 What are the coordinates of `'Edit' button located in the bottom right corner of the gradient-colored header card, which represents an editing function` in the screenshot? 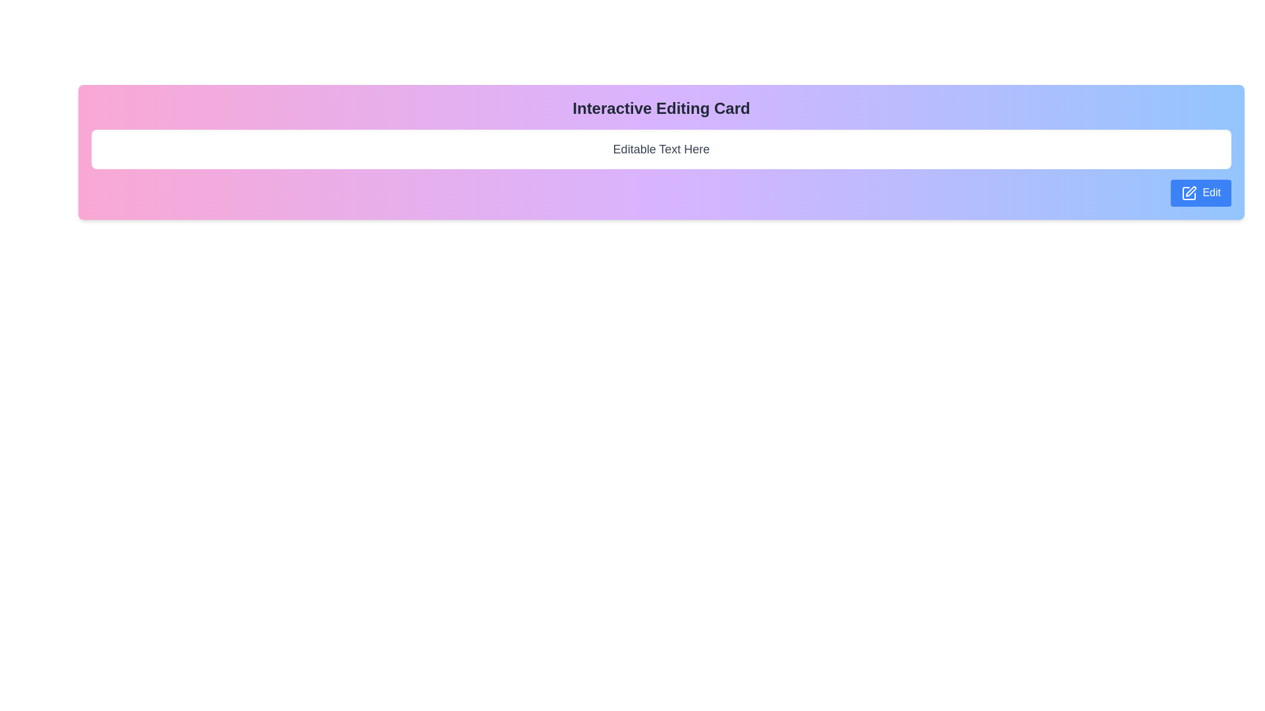 It's located at (1189, 193).